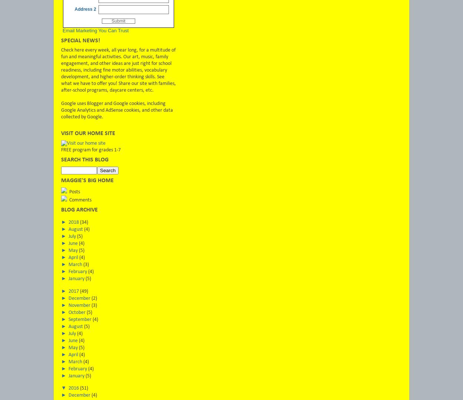 The height and width of the screenshot is (400, 463). I want to click on '2018', so click(74, 222).